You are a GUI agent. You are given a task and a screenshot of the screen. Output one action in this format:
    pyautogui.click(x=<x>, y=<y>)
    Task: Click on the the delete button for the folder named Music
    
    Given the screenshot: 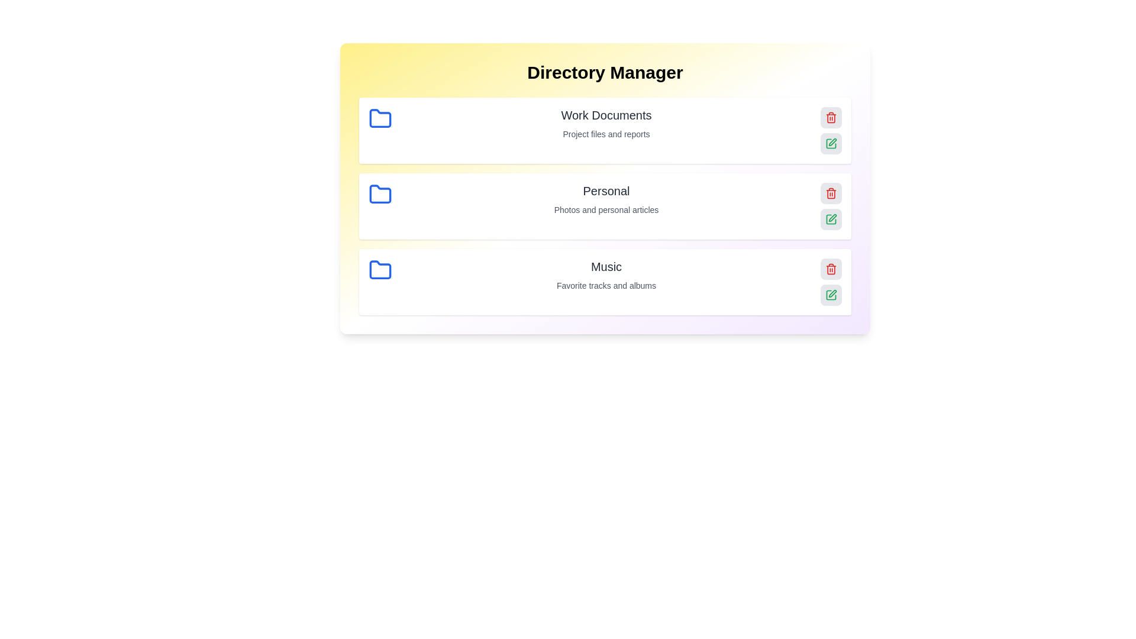 What is the action you would take?
    pyautogui.click(x=831, y=269)
    